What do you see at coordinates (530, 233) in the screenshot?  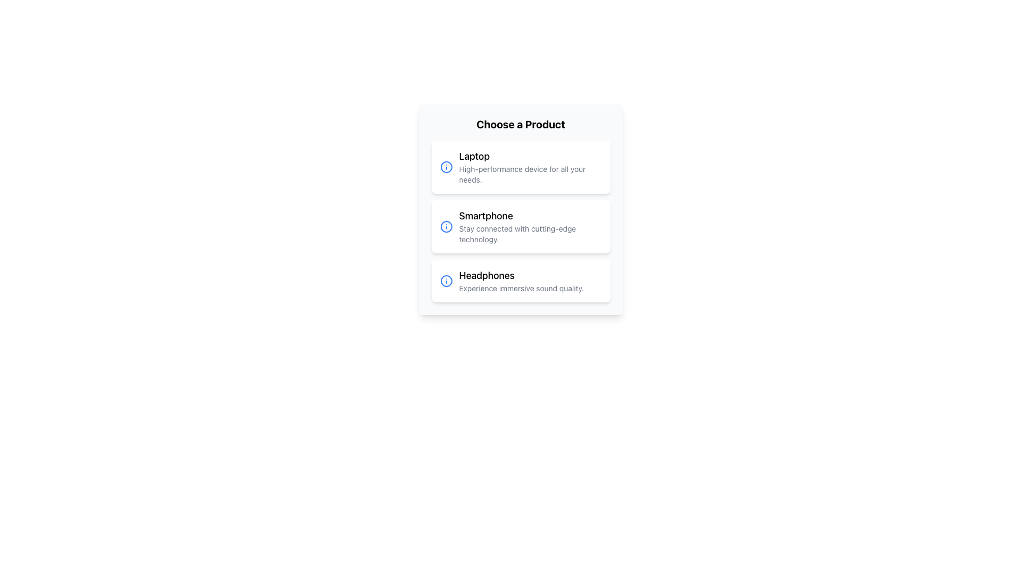 I see `the descriptive text element that reads 'Stay connected with cutting-edge technology.' located beneath the title 'Smartphone' in the product options list` at bounding box center [530, 233].